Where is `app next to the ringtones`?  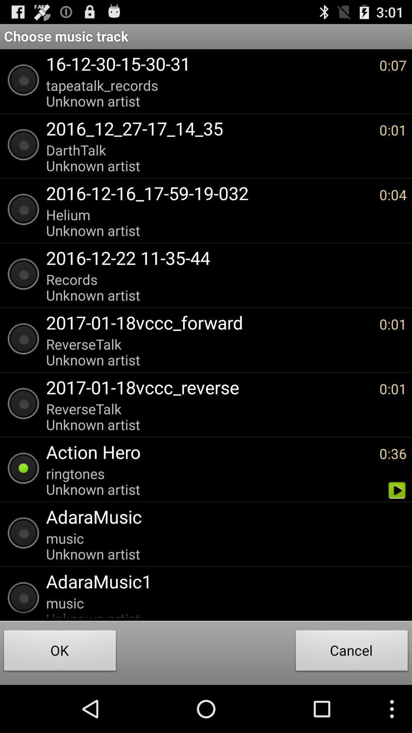 app next to the ringtones is located at coordinates (396, 490).